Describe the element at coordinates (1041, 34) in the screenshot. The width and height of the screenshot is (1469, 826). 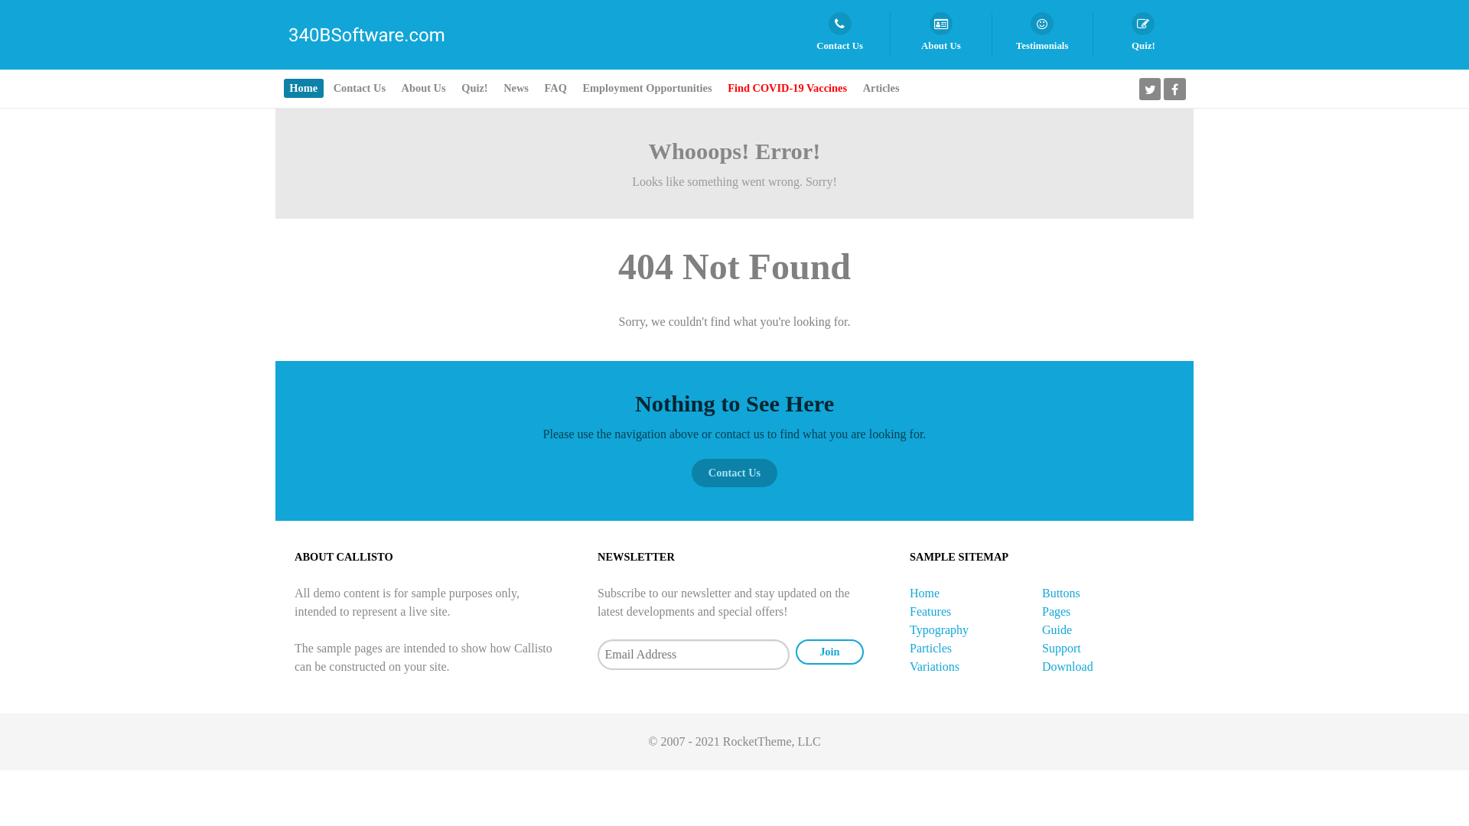
I see `'Testimonials'` at that location.